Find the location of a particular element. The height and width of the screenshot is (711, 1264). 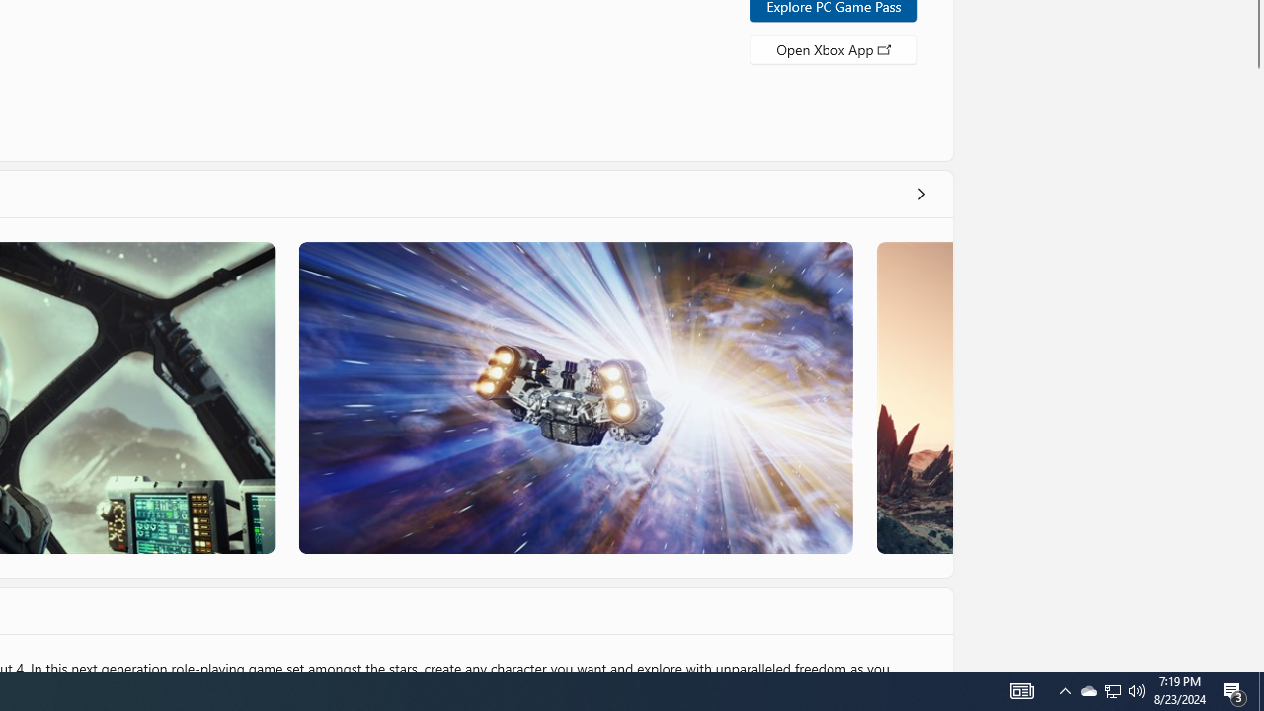

'Open Xbox App' is located at coordinates (833, 47).